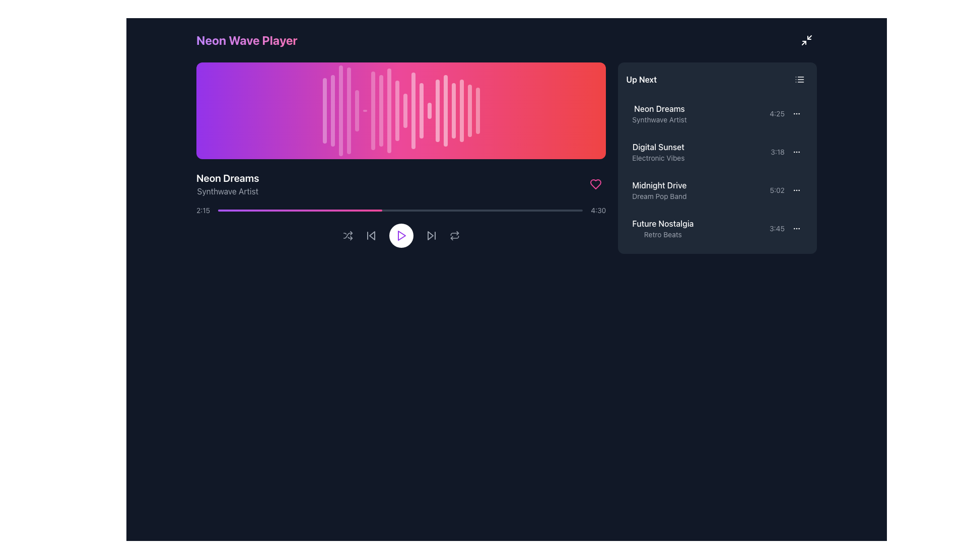 Image resolution: width=967 pixels, height=544 pixels. I want to click on the ellipsis icon, which consists of three vertically aligned dots, located to the right of the 'Neon Dreams' song entry in the 'Up Next' list, so click(796, 113).